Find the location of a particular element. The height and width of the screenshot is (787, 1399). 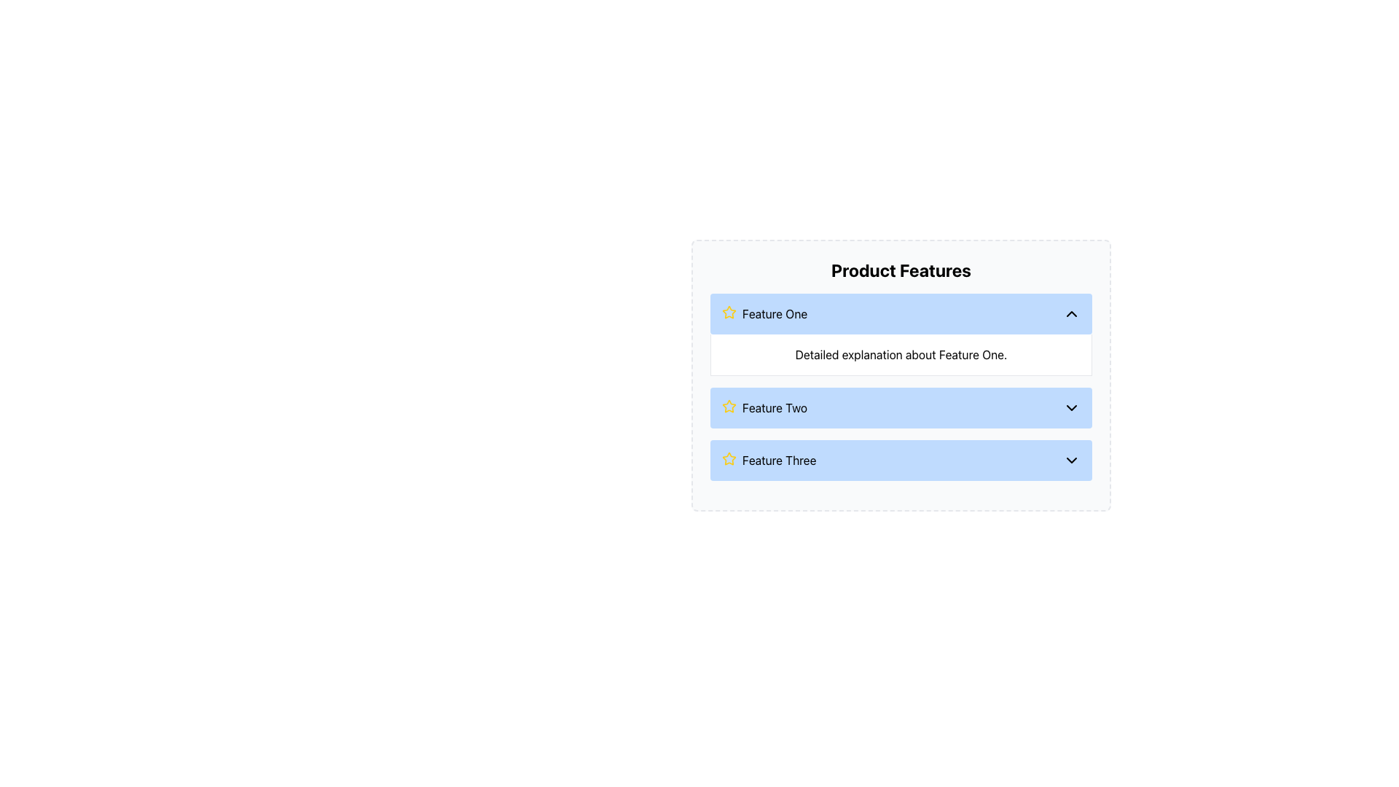

the bold, large header displaying the text 'Product Features', which is centrally aligned and located above the list of features is located at coordinates (901, 270).